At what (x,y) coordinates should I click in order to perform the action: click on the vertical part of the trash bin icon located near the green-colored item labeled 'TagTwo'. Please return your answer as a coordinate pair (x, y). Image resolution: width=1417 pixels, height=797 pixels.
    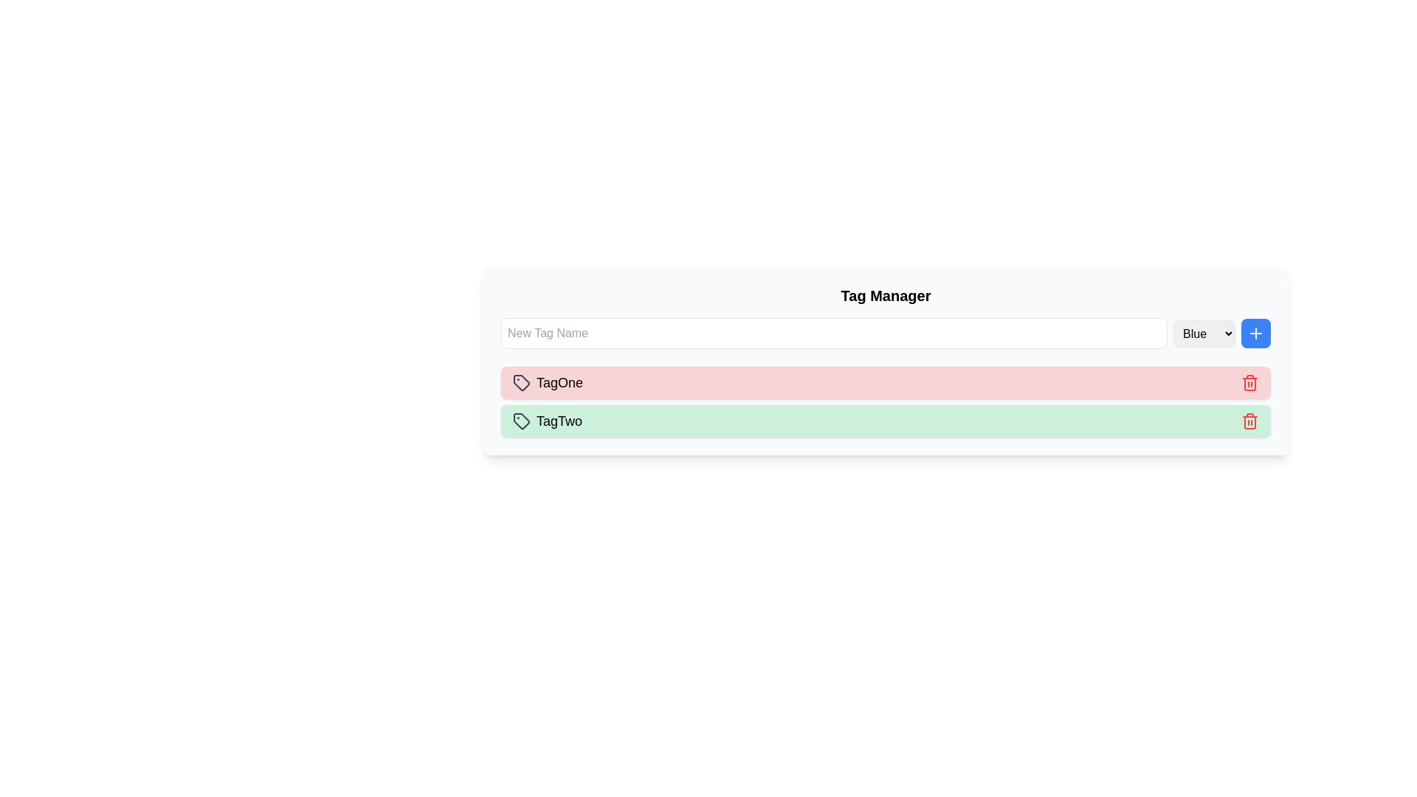
    Looking at the image, I should click on (1249, 383).